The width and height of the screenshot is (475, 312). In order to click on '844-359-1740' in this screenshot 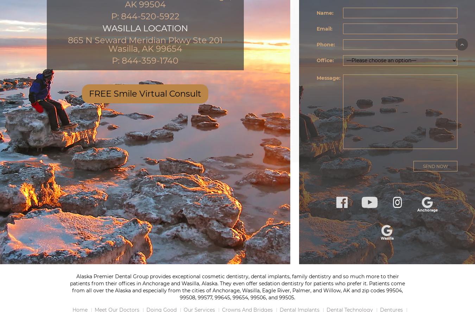, I will do `click(150, 60)`.